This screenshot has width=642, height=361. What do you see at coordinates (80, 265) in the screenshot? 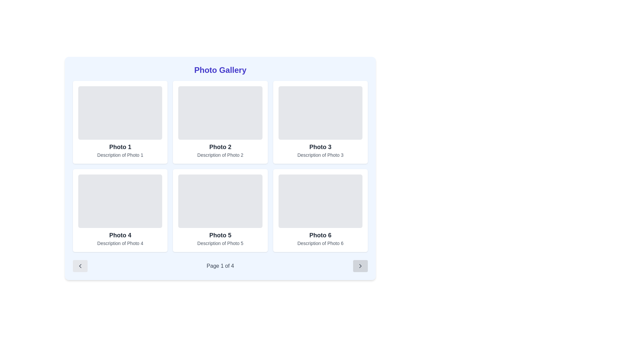
I see `the left arrow button with a gray background located at the bottom-left corner of the navigation bar` at bounding box center [80, 265].